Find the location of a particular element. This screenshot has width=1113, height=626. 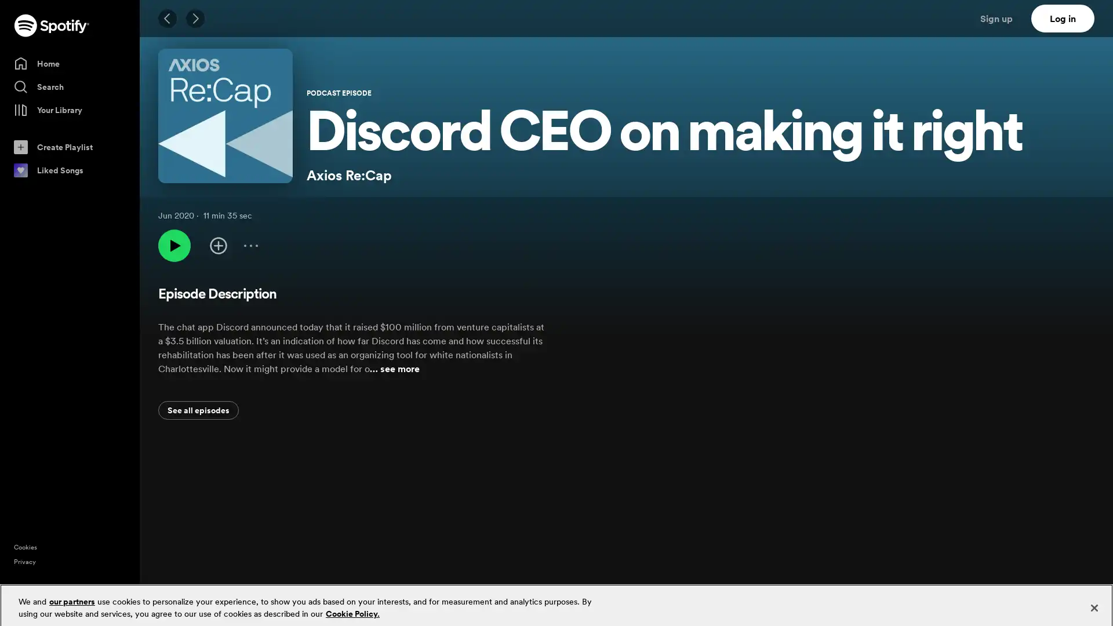

Log in is located at coordinates (1063, 18).